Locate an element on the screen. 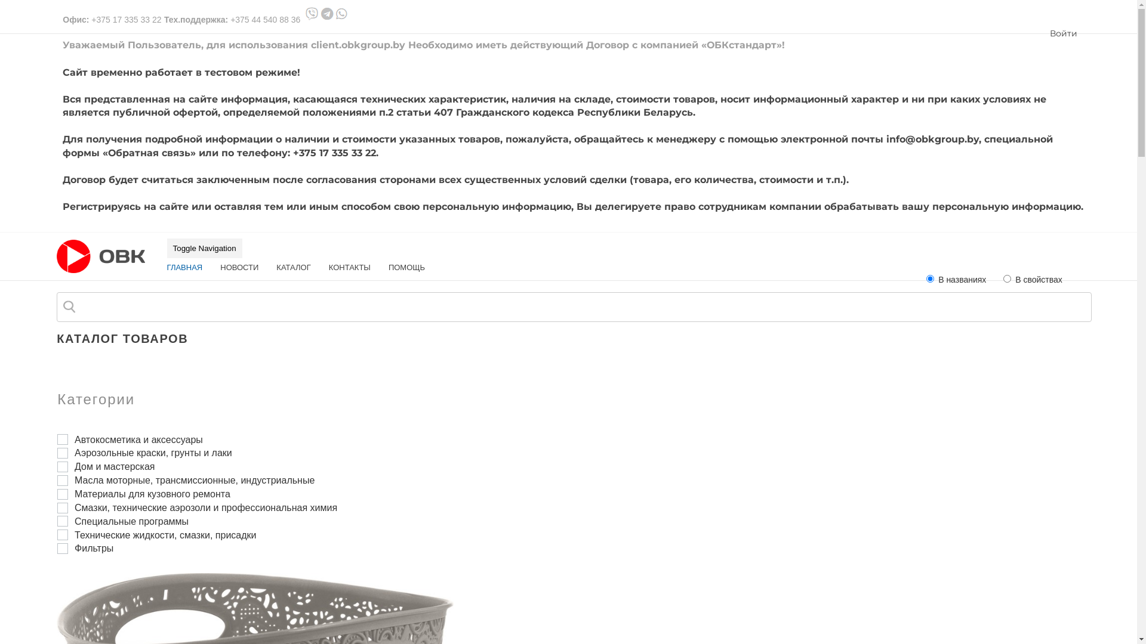 The width and height of the screenshot is (1146, 644). '+375 44 540 88 36' is located at coordinates (230, 20).